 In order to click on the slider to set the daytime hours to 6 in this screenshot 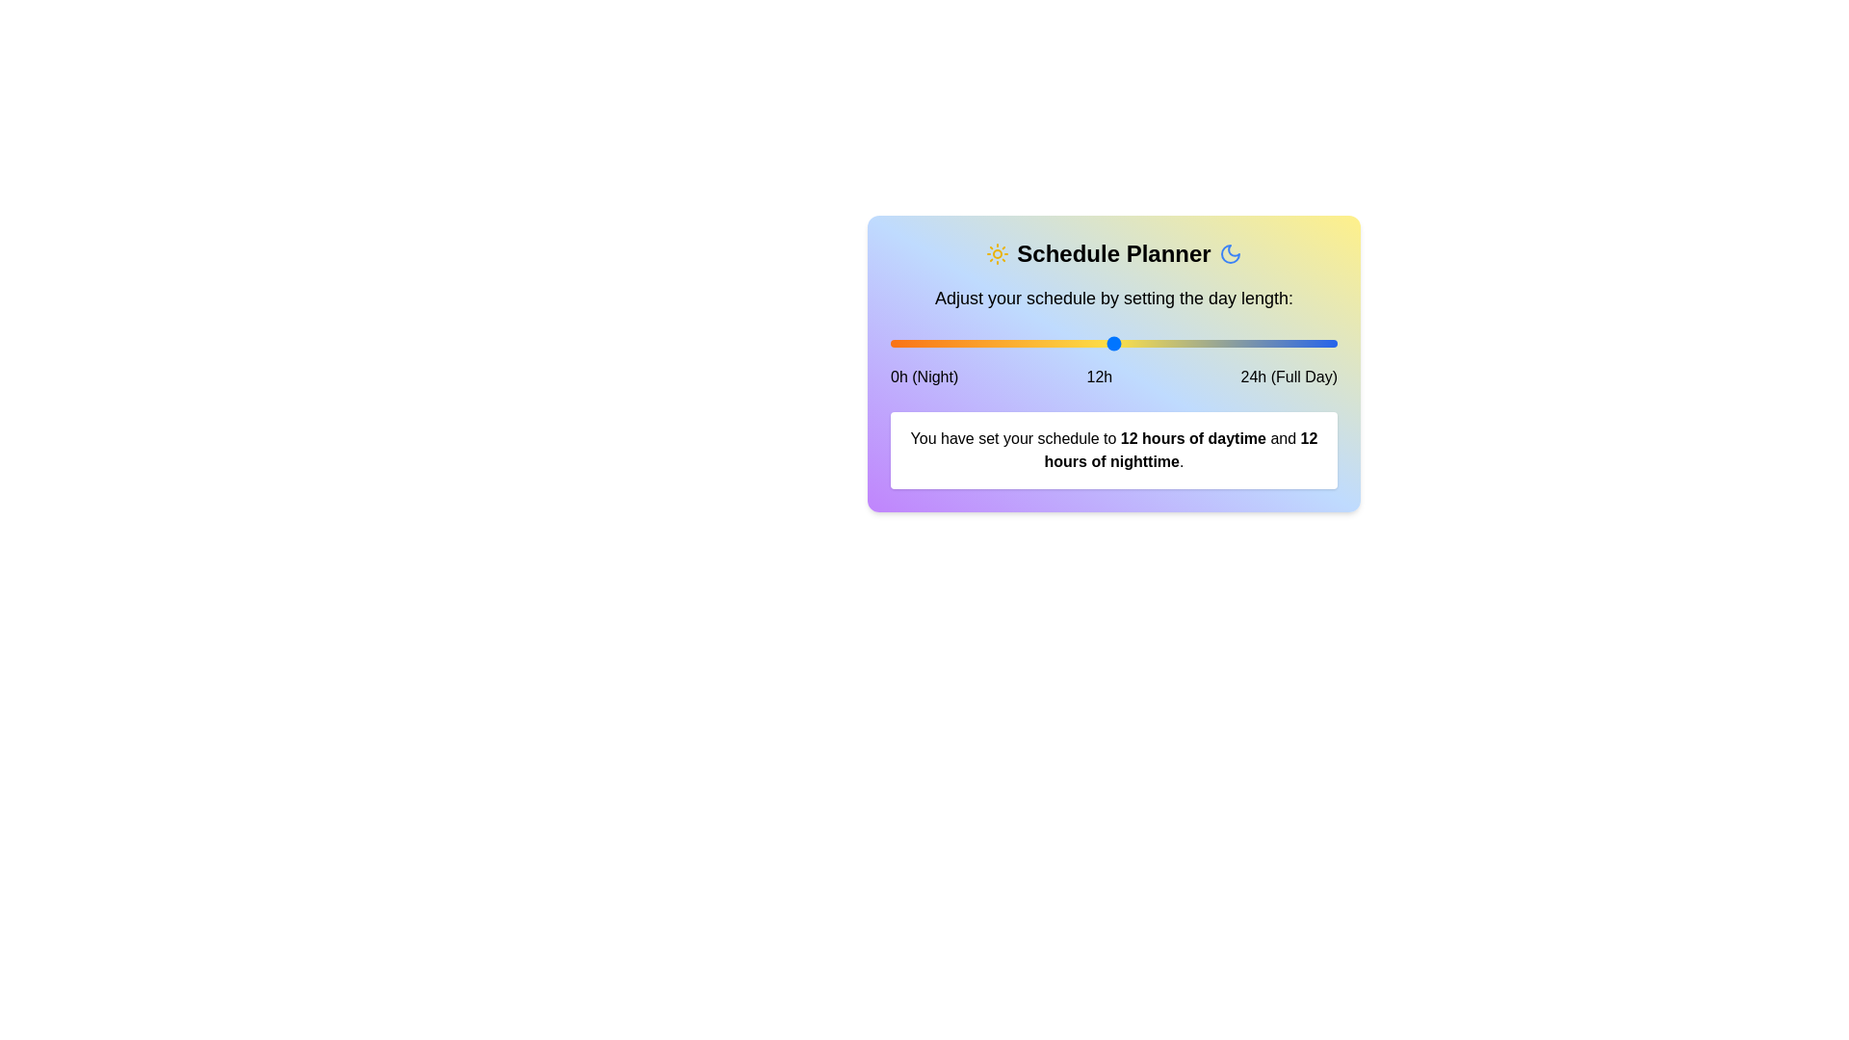, I will do `click(1002, 343)`.